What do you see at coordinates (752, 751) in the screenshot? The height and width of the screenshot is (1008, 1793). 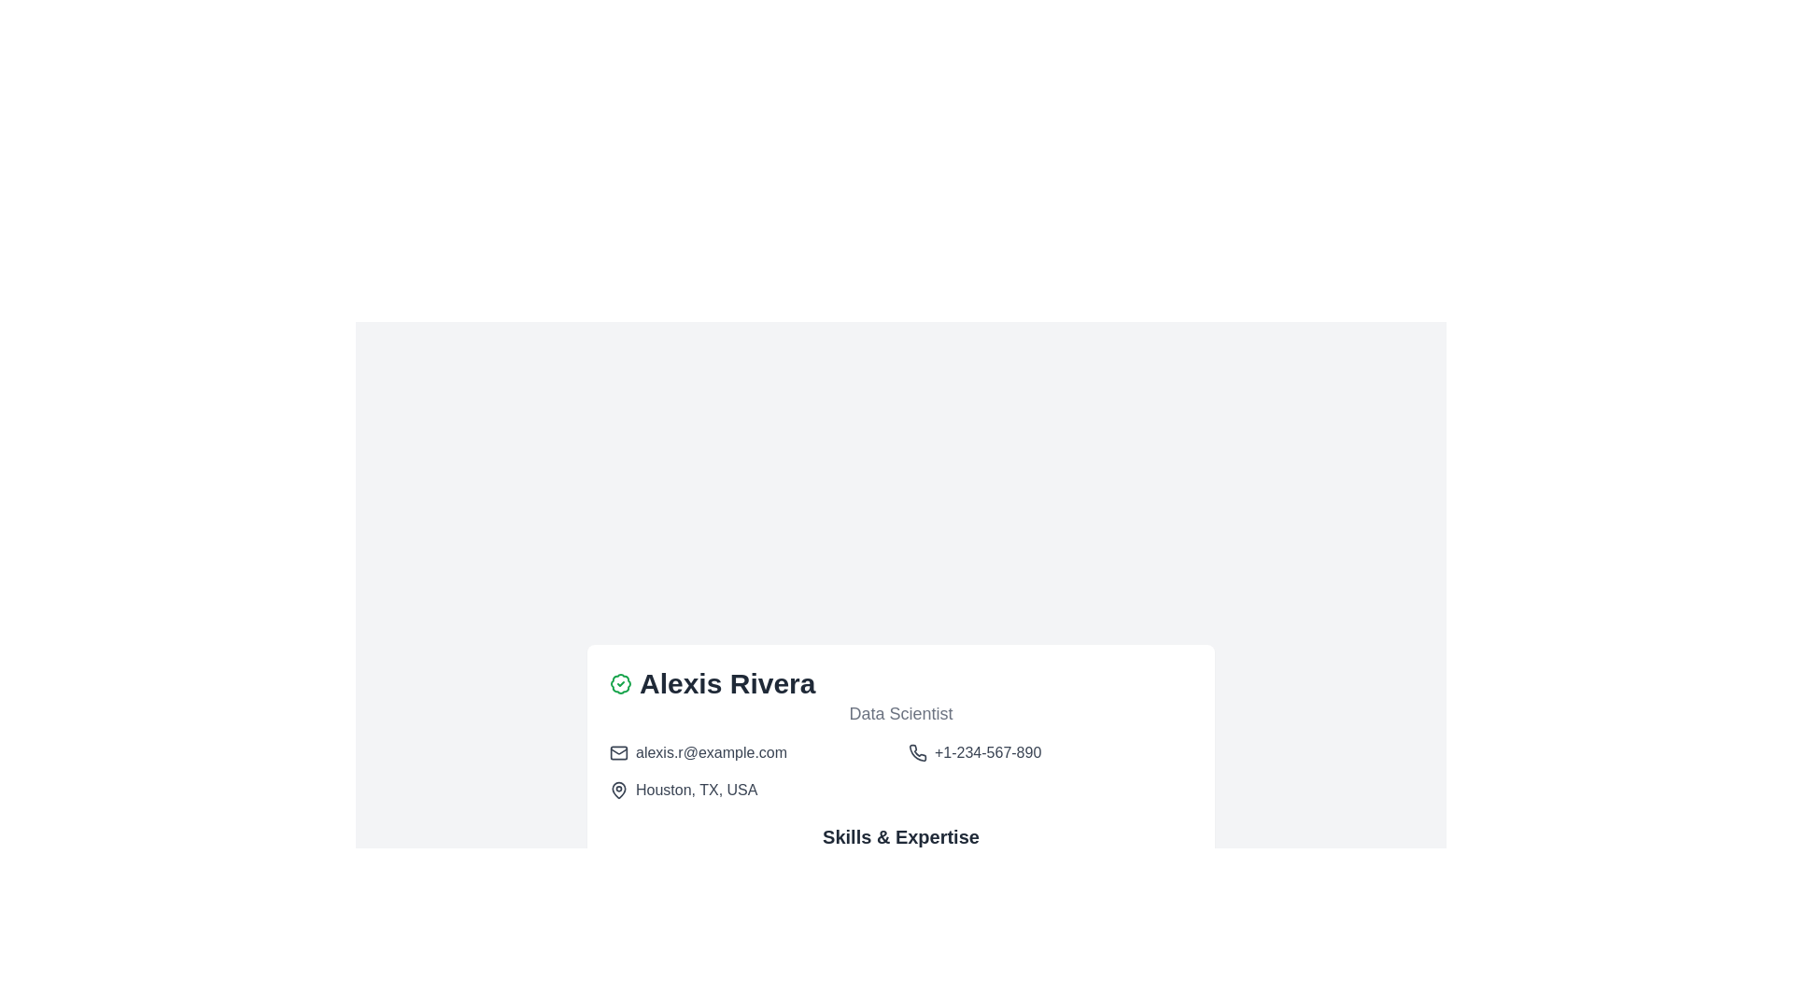 I see `the email address label located in the first row of the left column of the grid layout, which displays the user's email contact information` at bounding box center [752, 751].